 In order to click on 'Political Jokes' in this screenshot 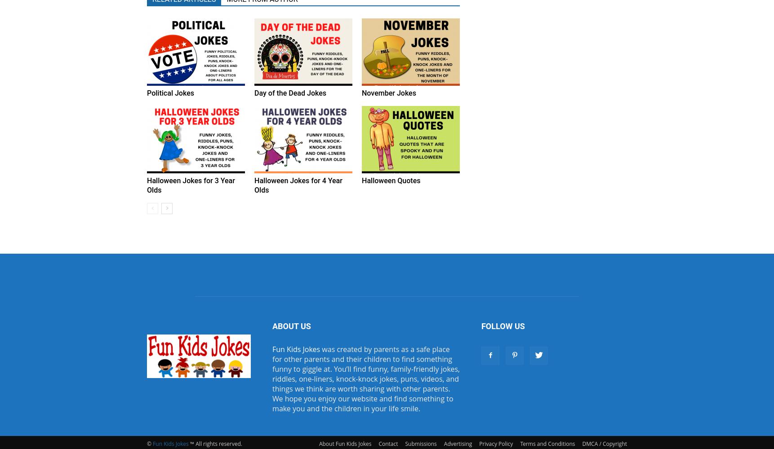, I will do `click(170, 92)`.